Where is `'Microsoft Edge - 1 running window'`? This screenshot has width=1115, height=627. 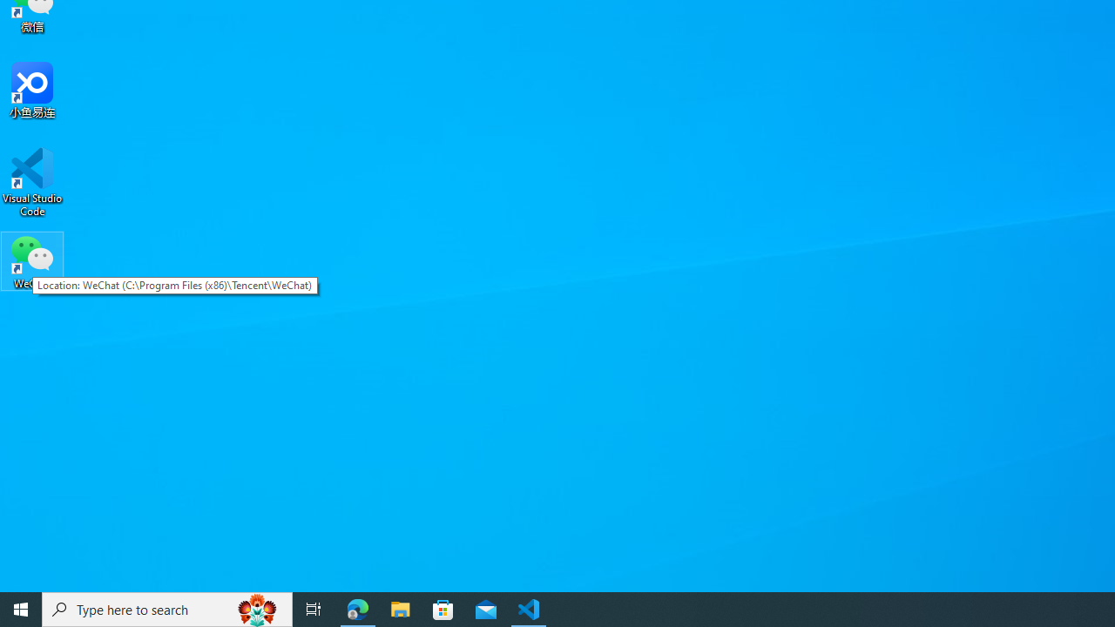 'Microsoft Edge - 1 running window' is located at coordinates (357, 608).